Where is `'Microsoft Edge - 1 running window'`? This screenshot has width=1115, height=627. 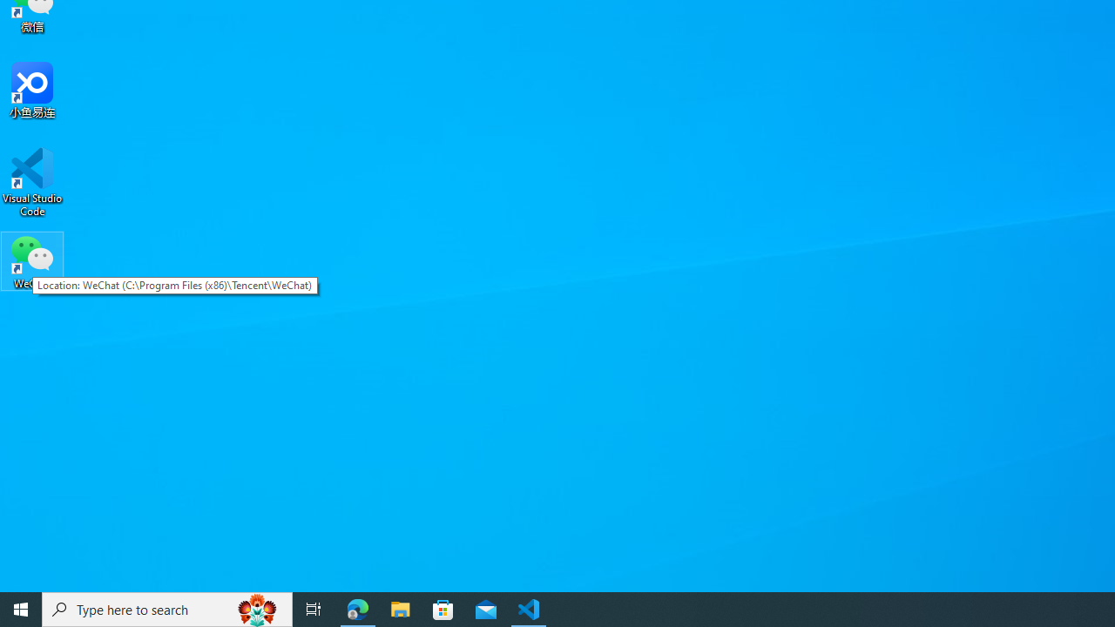 'Microsoft Edge - 1 running window' is located at coordinates (357, 608).